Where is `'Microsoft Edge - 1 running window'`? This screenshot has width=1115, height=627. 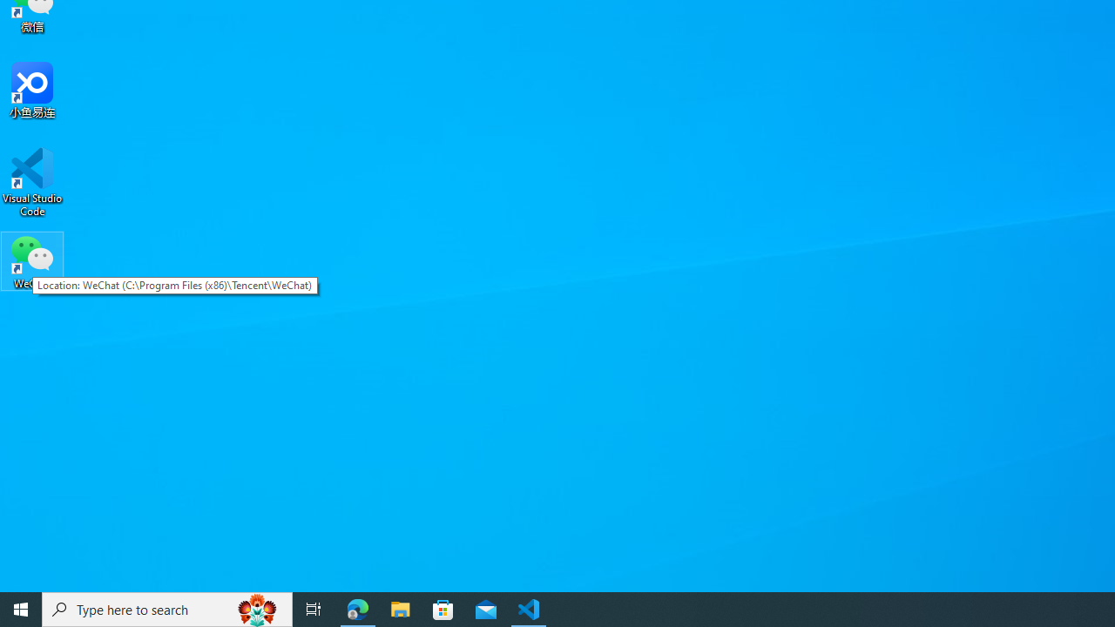 'Microsoft Edge - 1 running window' is located at coordinates (357, 608).